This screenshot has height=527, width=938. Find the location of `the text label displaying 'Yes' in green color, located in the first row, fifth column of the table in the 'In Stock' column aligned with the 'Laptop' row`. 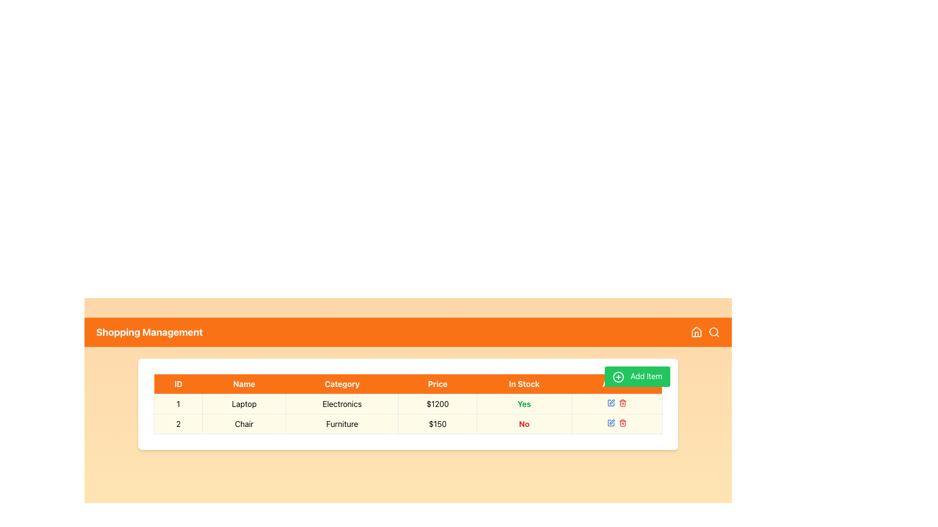

the text label displaying 'Yes' in green color, located in the first row, fifth column of the table in the 'In Stock' column aligned with the 'Laptop' row is located at coordinates (524, 404).